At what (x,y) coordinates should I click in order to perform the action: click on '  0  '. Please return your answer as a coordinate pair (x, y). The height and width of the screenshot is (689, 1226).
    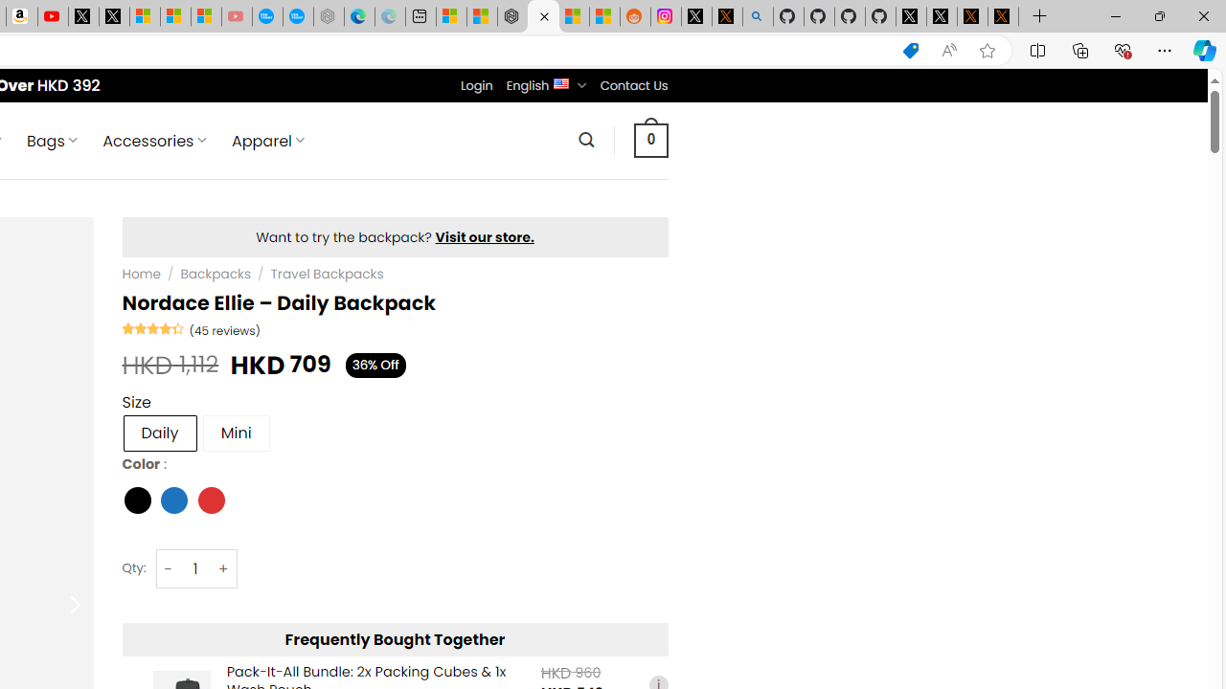
    Looking at the image, I should click on (650, 139).